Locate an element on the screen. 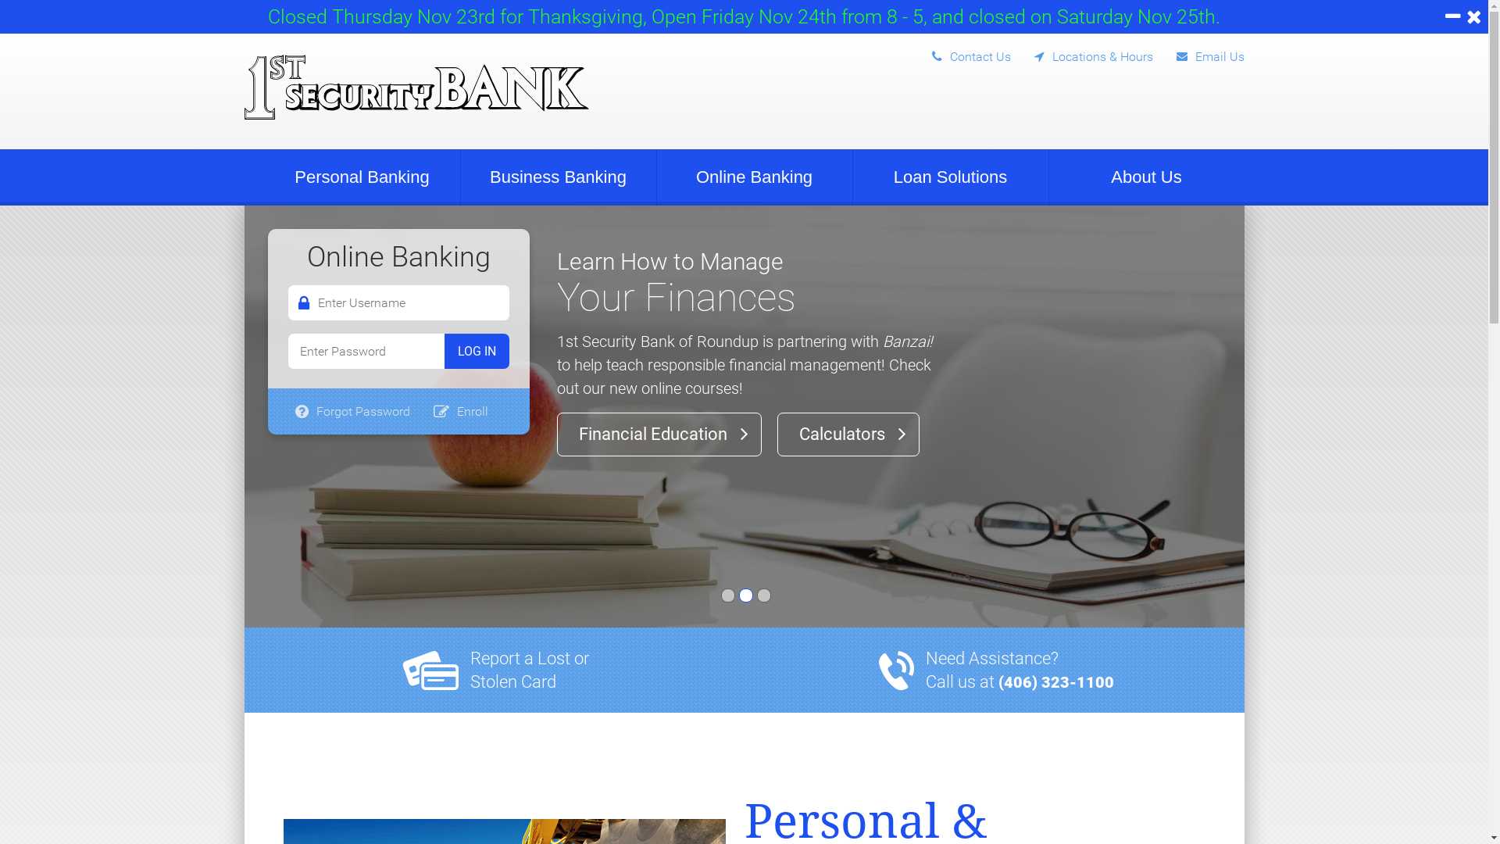 The width and height of the screenshot is (1500, 844). 'Slide-01' is located at coordinates (727, 595).